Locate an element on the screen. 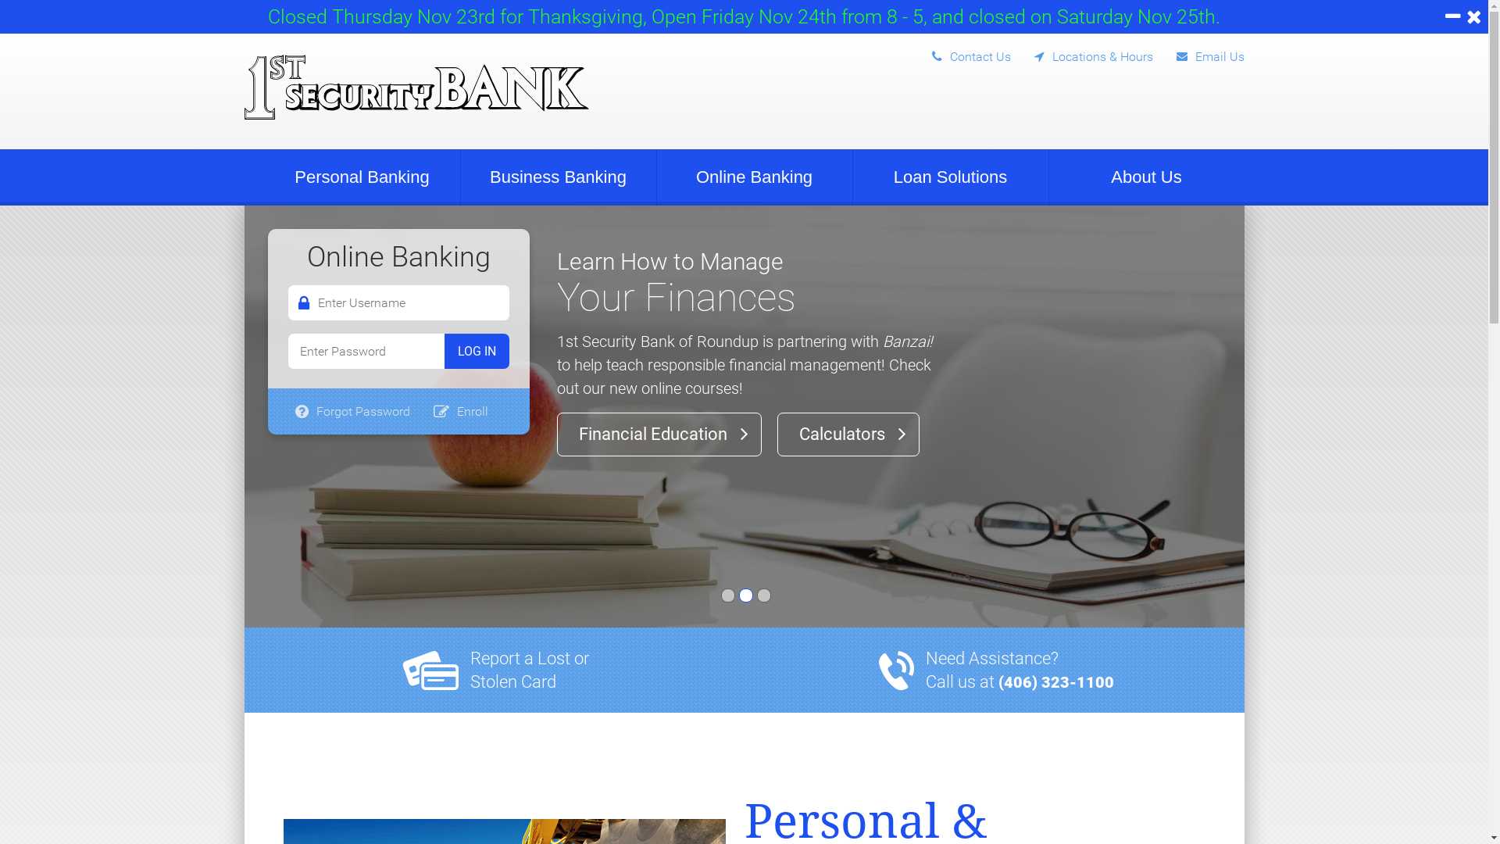 The width and height of the screenshot is (1500, 844). 'Slide-01' is located at coordinates (727, 595).